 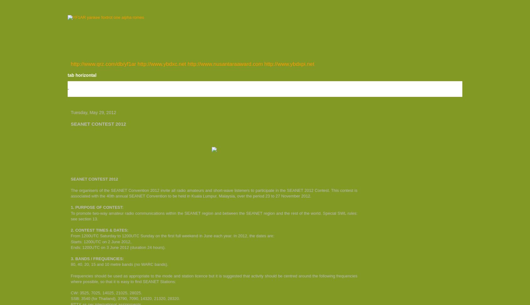 What do you see at coordinates (101, 241) in the screenshot?
I see `'Starts: 1200UTC on 2 June 2012,'` at bounding box center [101, 241].